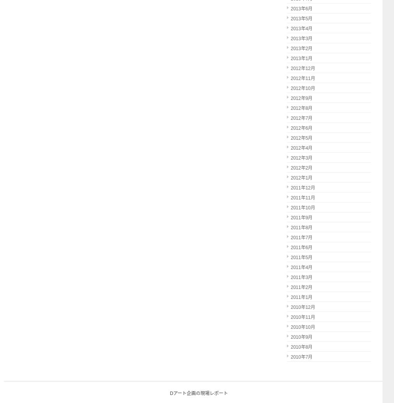  I want to click on '2010年8月', so click(301, 347).